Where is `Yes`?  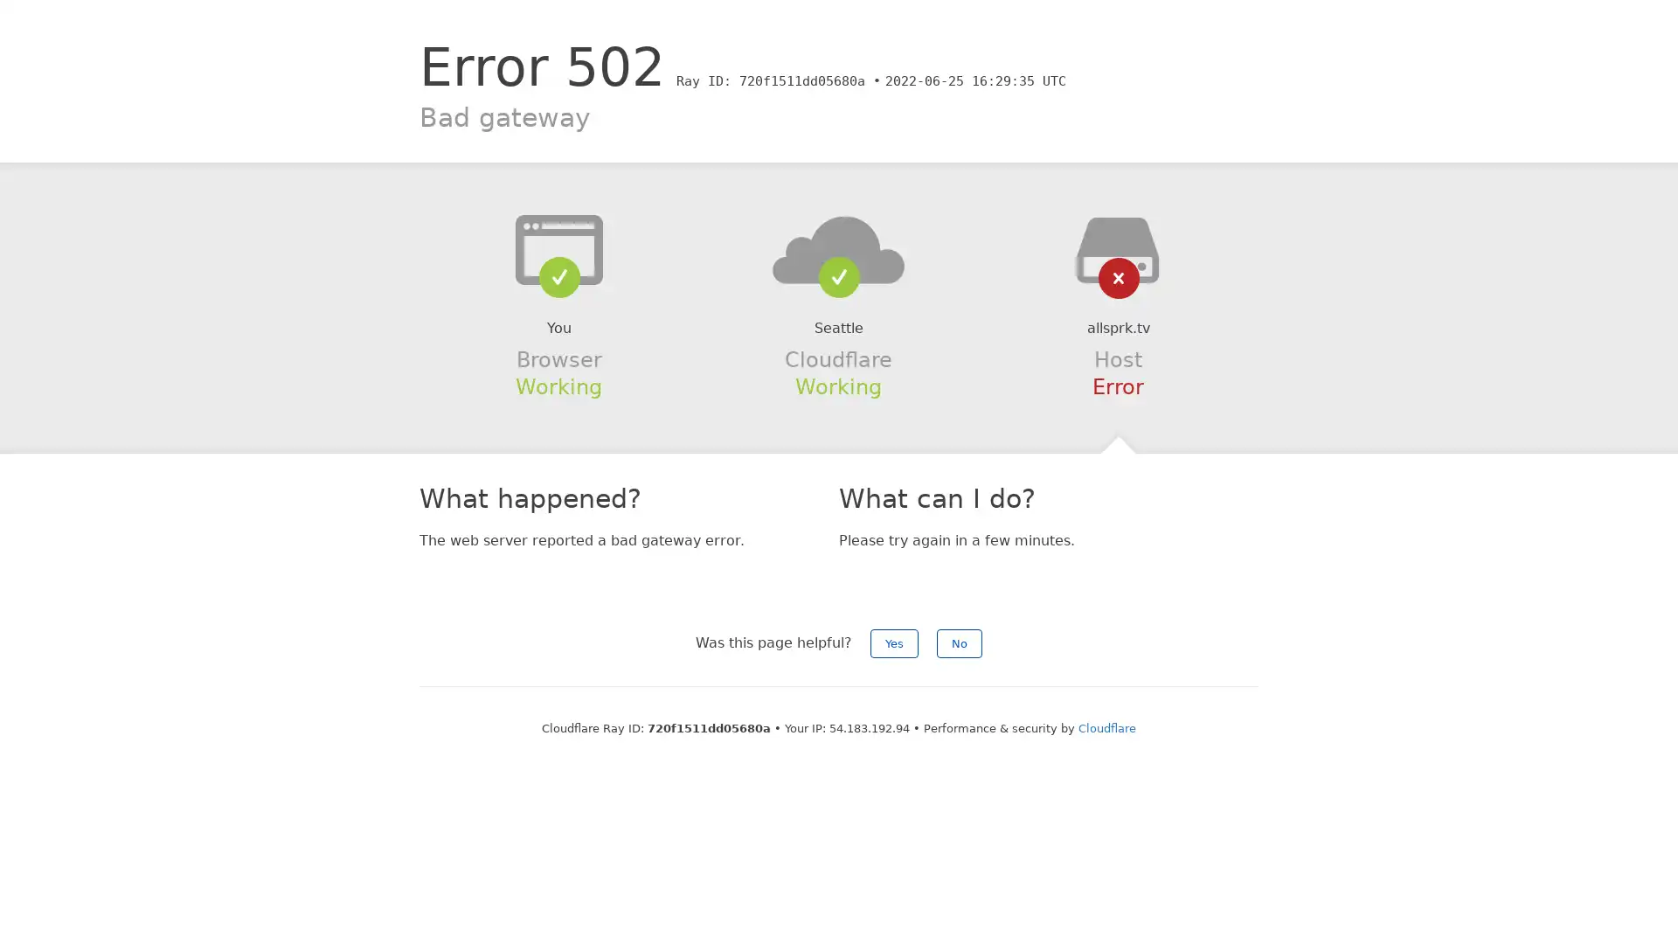
Yes is located at coordinates (894, 643).